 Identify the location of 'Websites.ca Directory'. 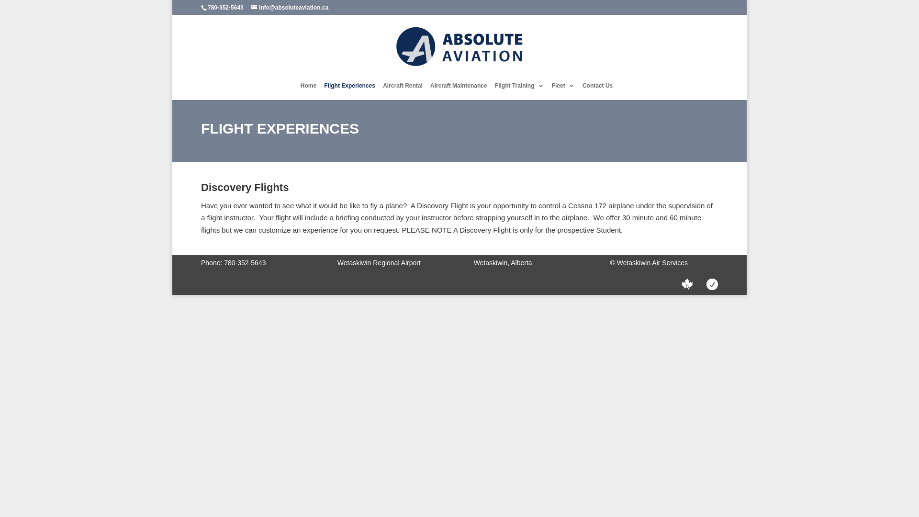
(686, 284).